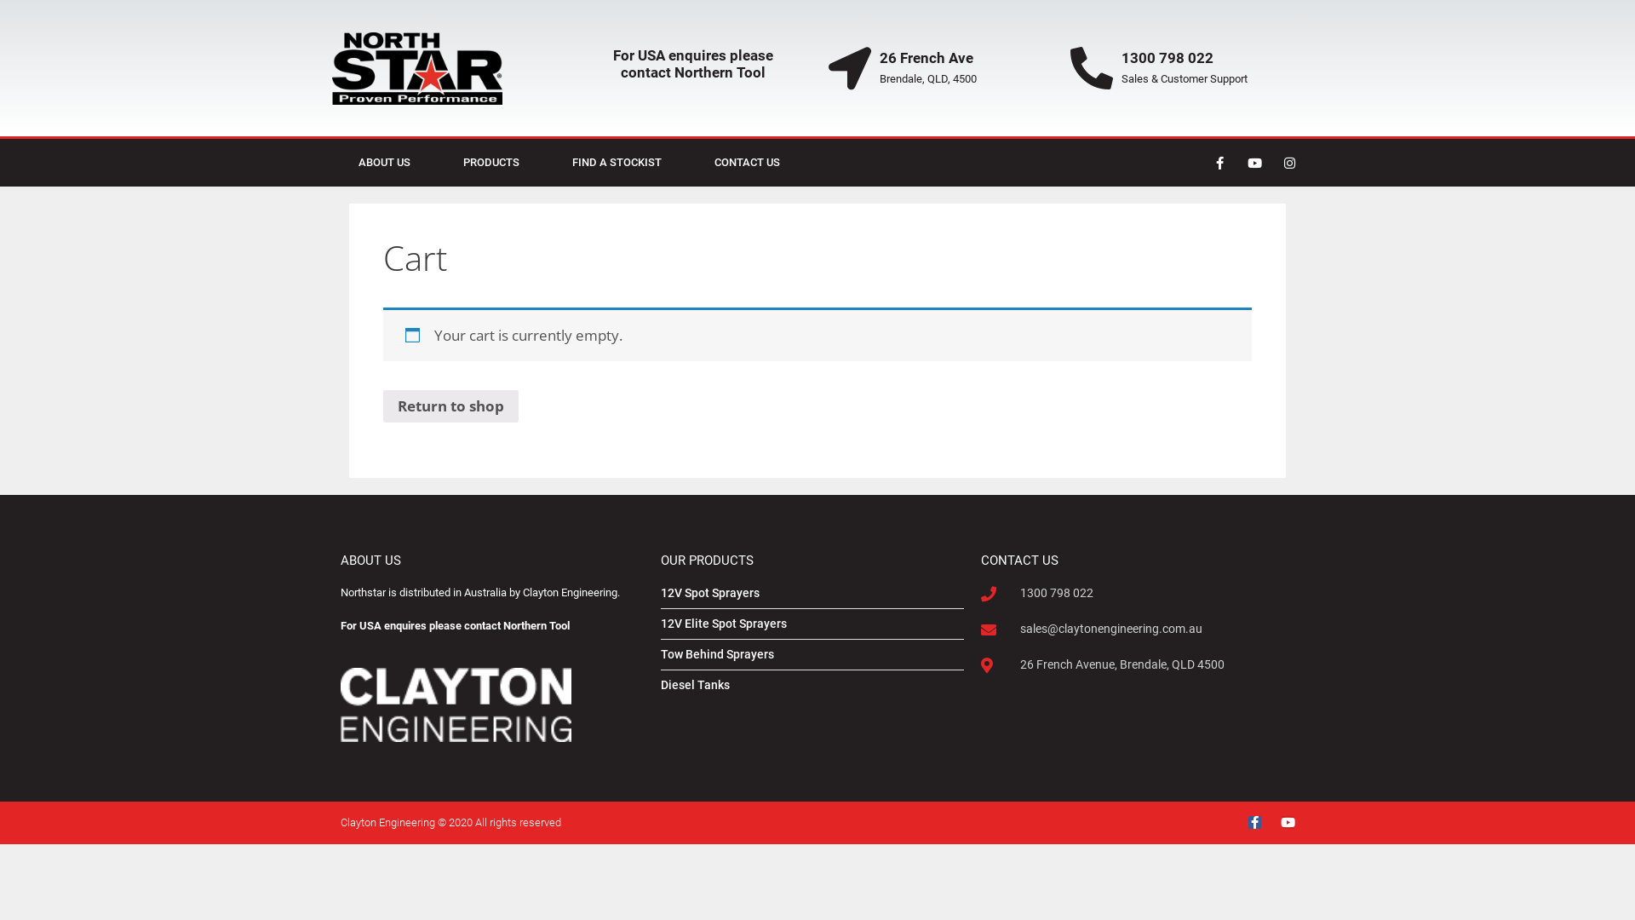 The width and height of the screenshot is (1635, 920). What do you see at coordinates (616, 163) in the screenshot?
I see `'FIND A STOCKIST'` at bounding box center [616, 163].